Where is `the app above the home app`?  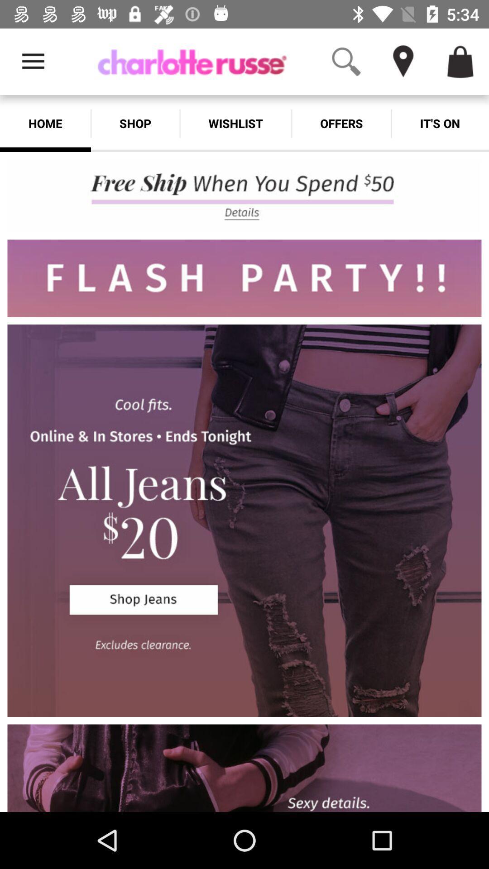 the app above the home app is located at coordinates (33, 61).